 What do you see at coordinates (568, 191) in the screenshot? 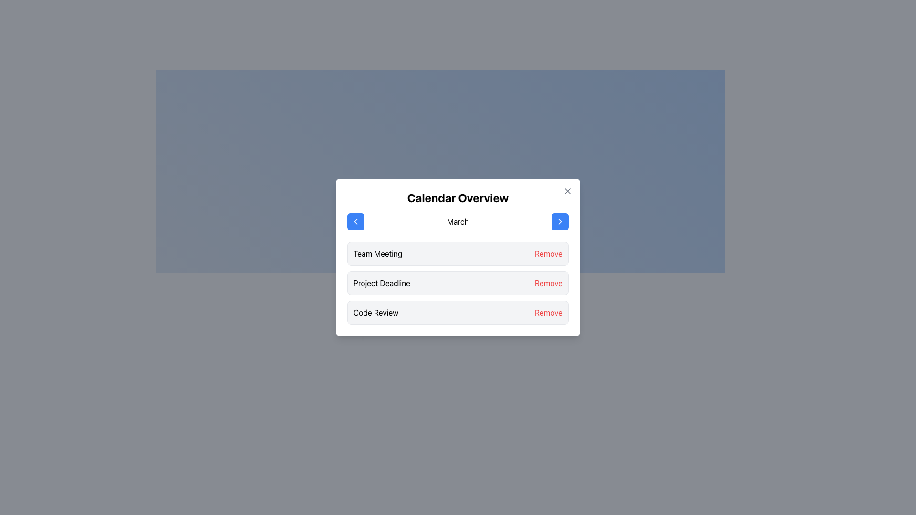
I see `the close button located at the top-right corner of the pop-up panel to change its color to red` at bounding box center [568, 191].